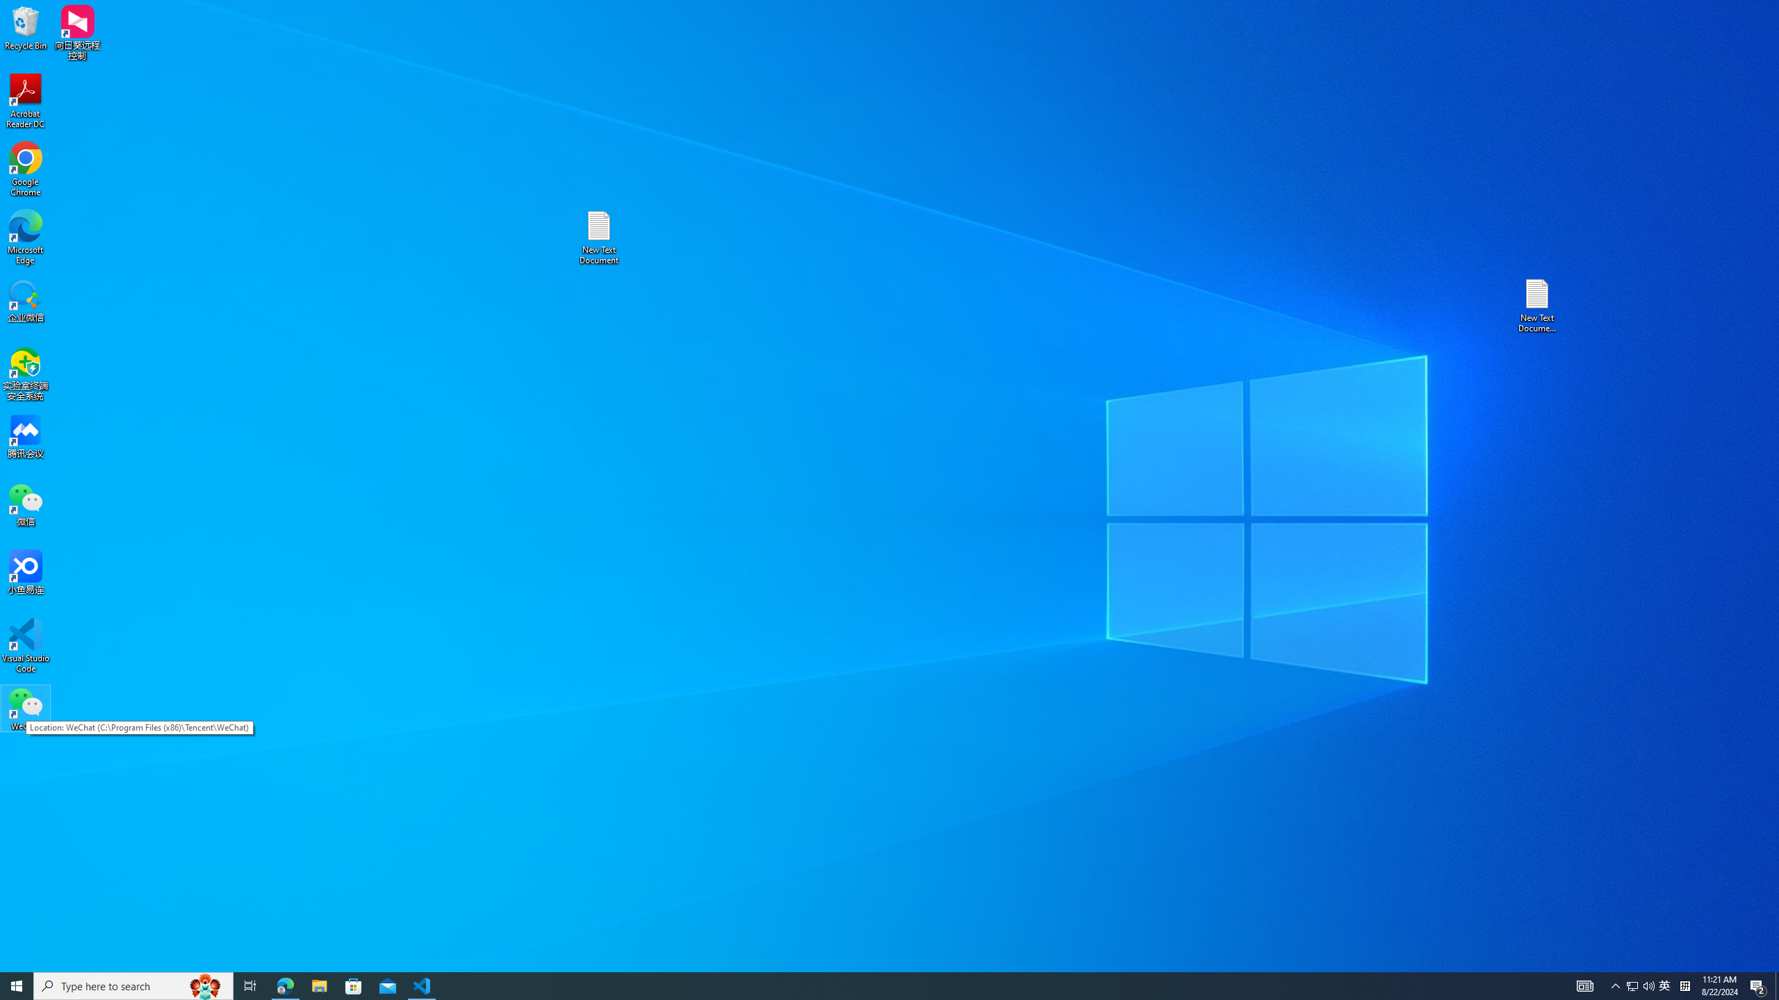 This screenshot has width=1779, height=1000. I want to click on 'Visual Studio Code', so click(25, 644).